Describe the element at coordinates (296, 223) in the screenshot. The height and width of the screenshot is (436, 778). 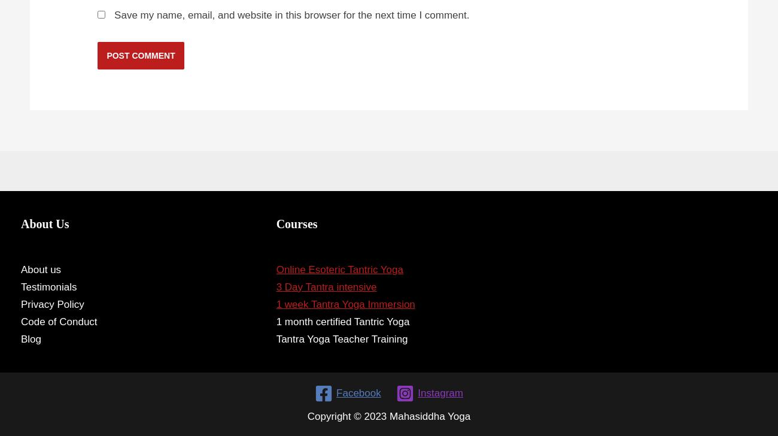
I see `'Courses'` at that location.